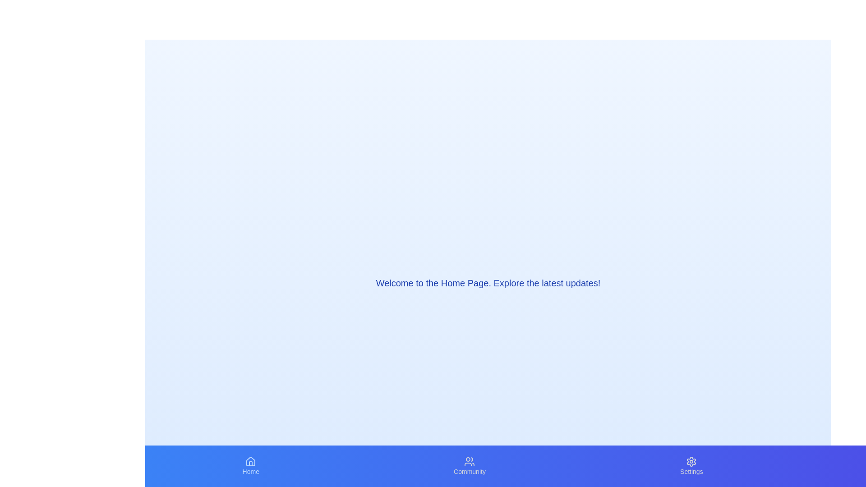 Image resolution: width=866 pixels, height=487 pixels. I want to click on the 'Home' Navigation Button, which features a house icon and is colored blue, so click(251, 466).